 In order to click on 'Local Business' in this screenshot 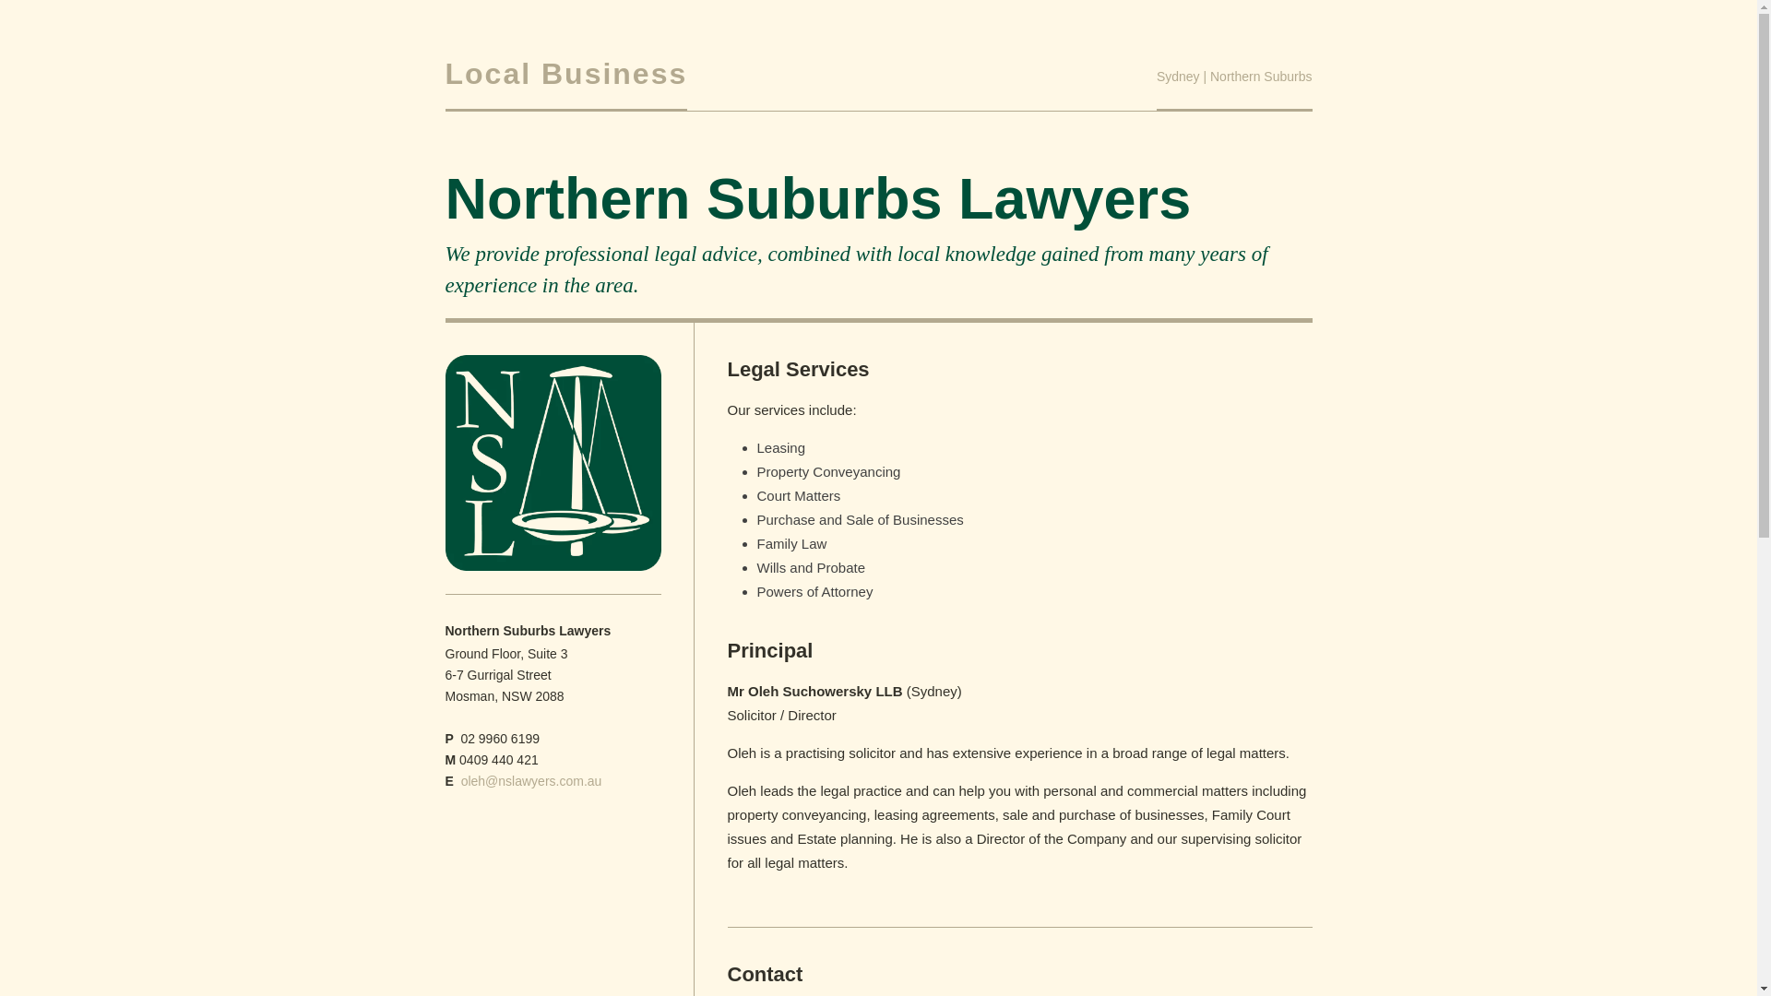, I will do `click(565, 73)`.